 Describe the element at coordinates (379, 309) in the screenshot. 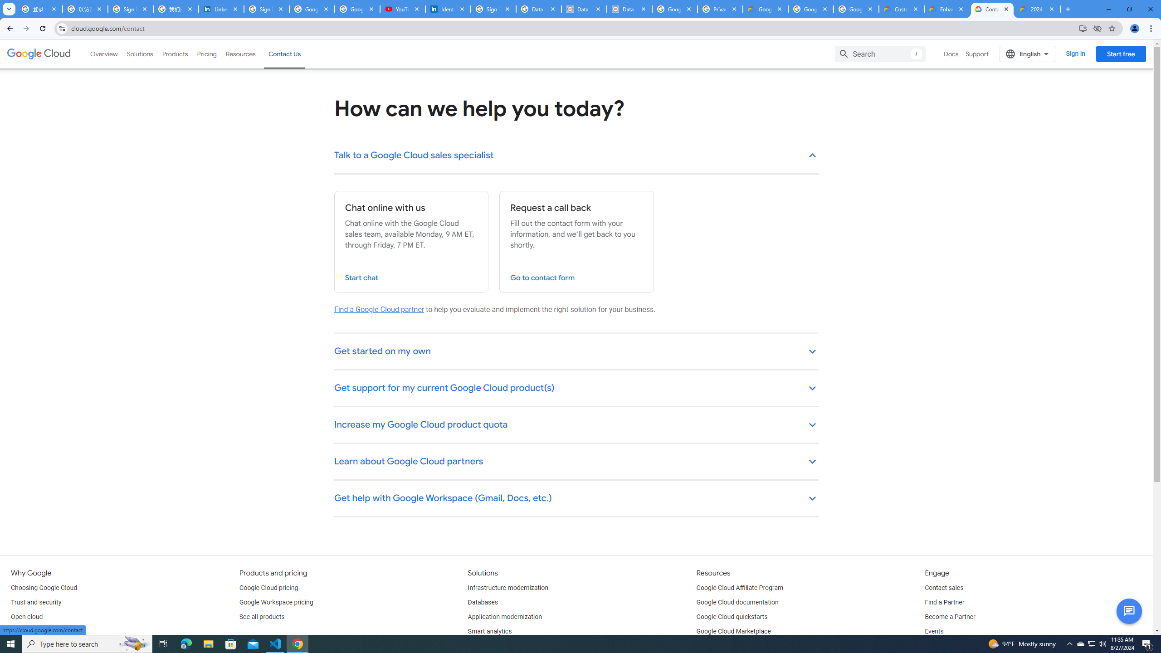

I see `'Find a Google Cloud partner'` at that location.